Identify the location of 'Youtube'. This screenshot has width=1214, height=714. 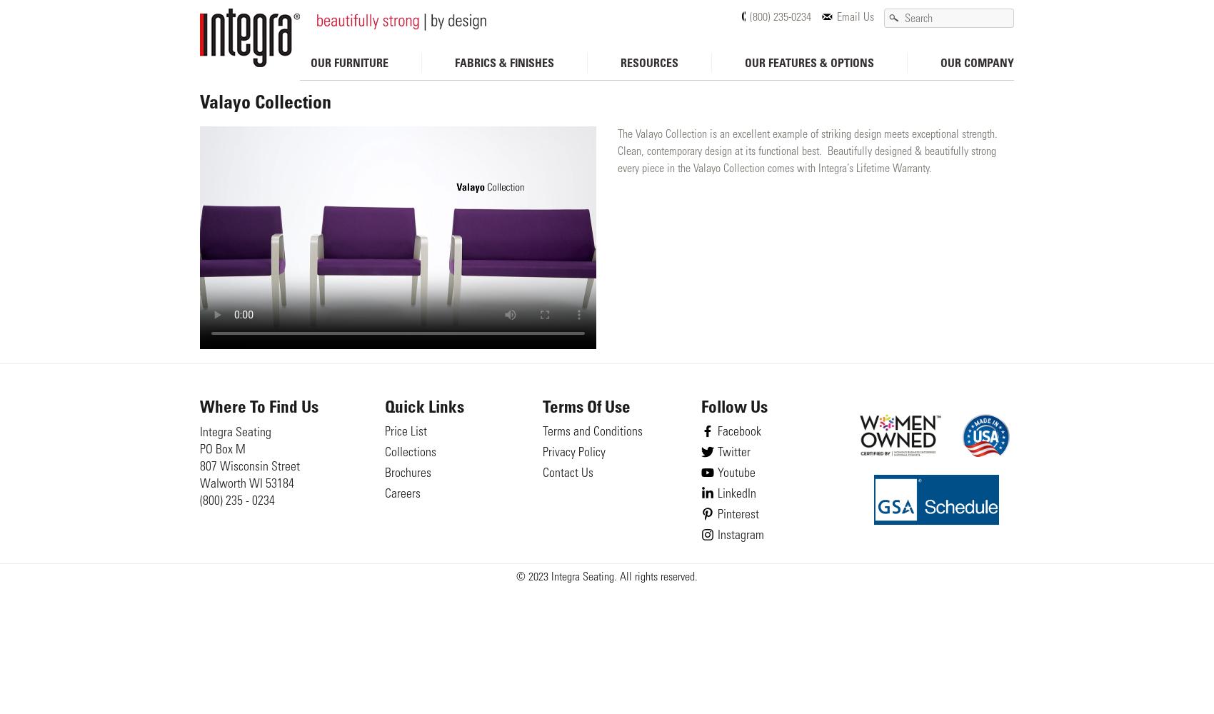
(735, 474).